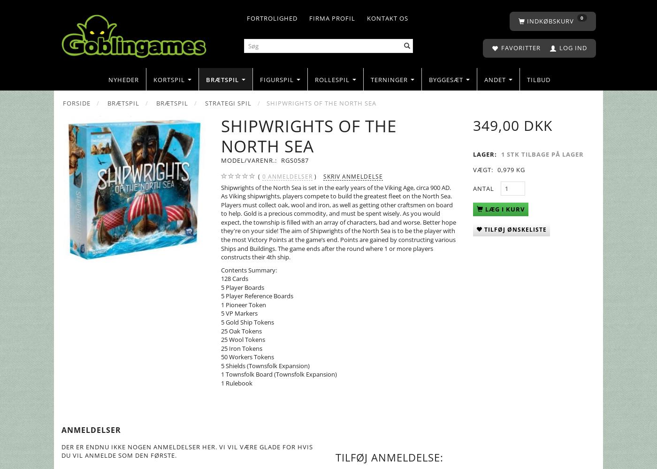 The image size is (657, 469). I want to click on 'Contents Summary:', so click(249, 269).